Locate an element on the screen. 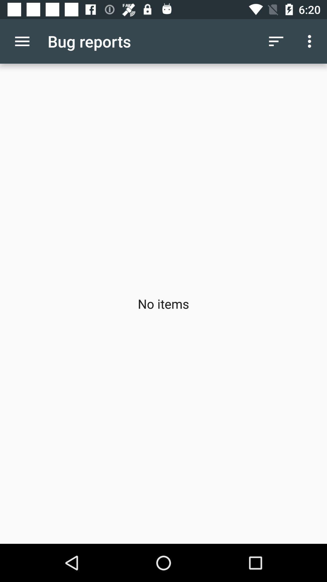 The width and height of the screenshot is (327, 582). the app next to bug reports icon is located at coordinates (22, 41).